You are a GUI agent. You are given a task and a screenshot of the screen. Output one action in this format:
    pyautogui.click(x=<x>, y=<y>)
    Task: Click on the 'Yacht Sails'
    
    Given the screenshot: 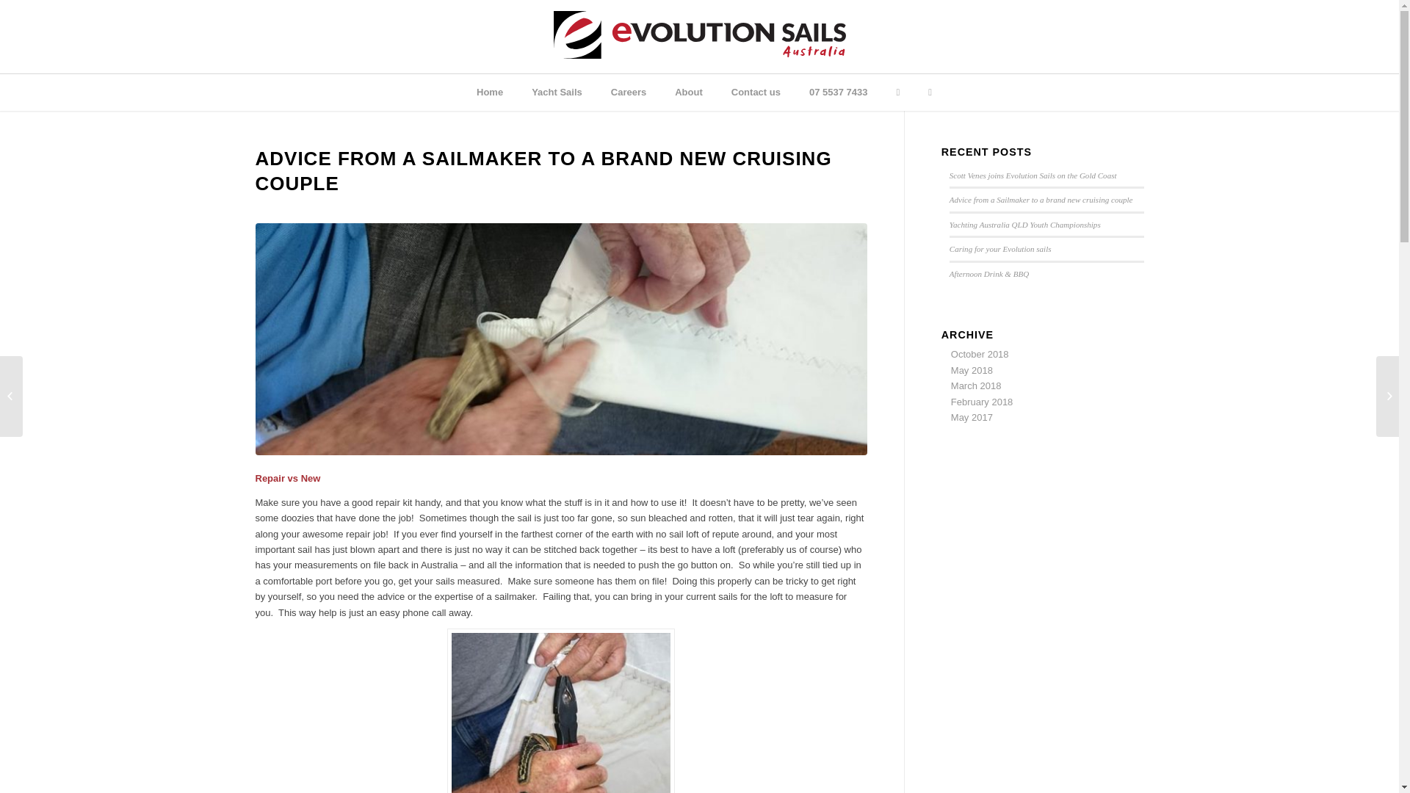 What is the action you would take?
    pyautogui.click(x=556, y=93)
    